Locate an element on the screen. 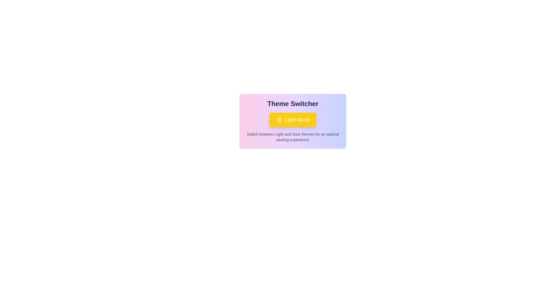 Image resolution: width=533 pixels, height=299 pixels. the theme toggle button to switch between light and dark themes is located at coordinates (293, 119).